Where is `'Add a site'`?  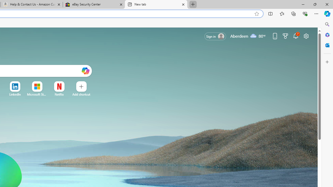 'Add a site' is located at coordinates (81, 94).